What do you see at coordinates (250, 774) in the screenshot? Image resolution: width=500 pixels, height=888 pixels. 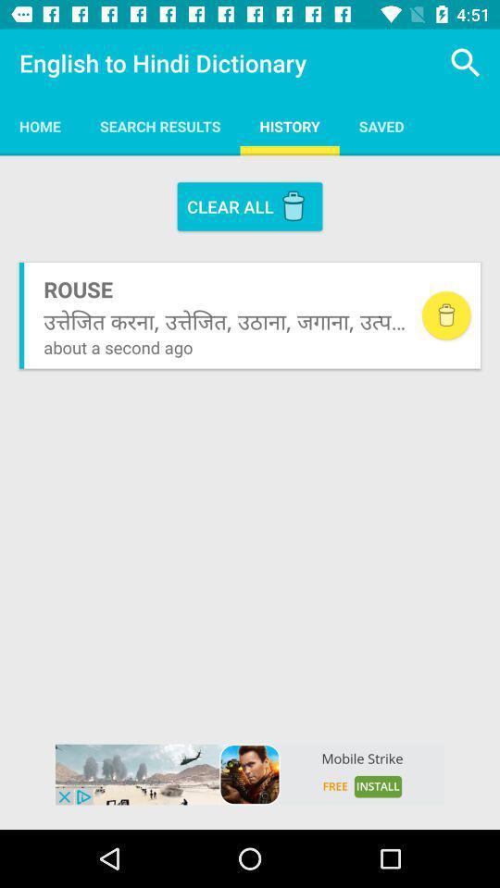 I see `mobile strike` at bounding box center [250, 774].